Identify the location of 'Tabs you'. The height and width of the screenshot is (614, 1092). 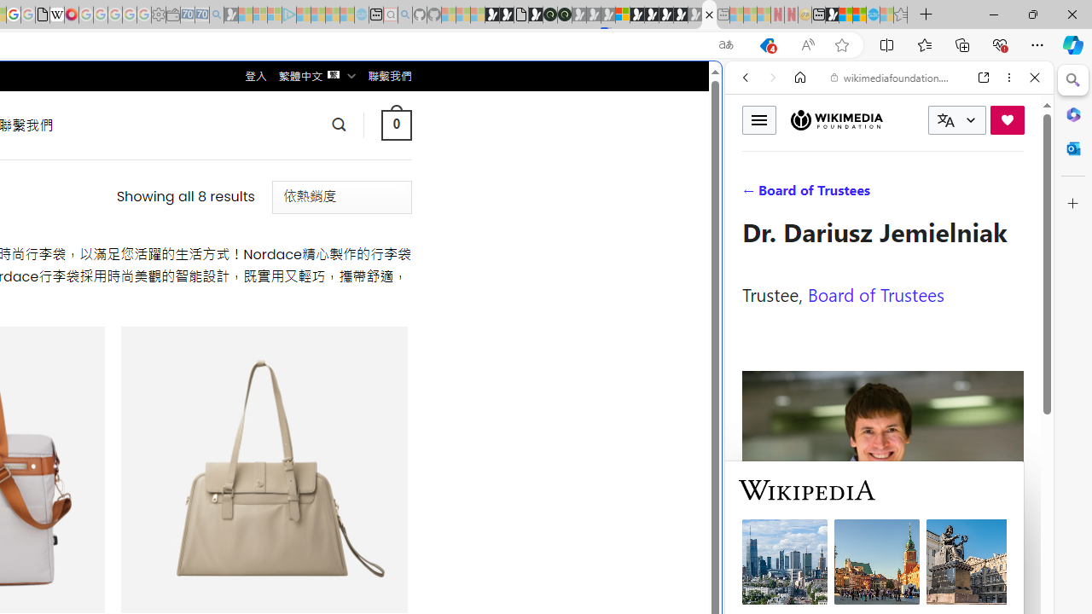
(235, 226).